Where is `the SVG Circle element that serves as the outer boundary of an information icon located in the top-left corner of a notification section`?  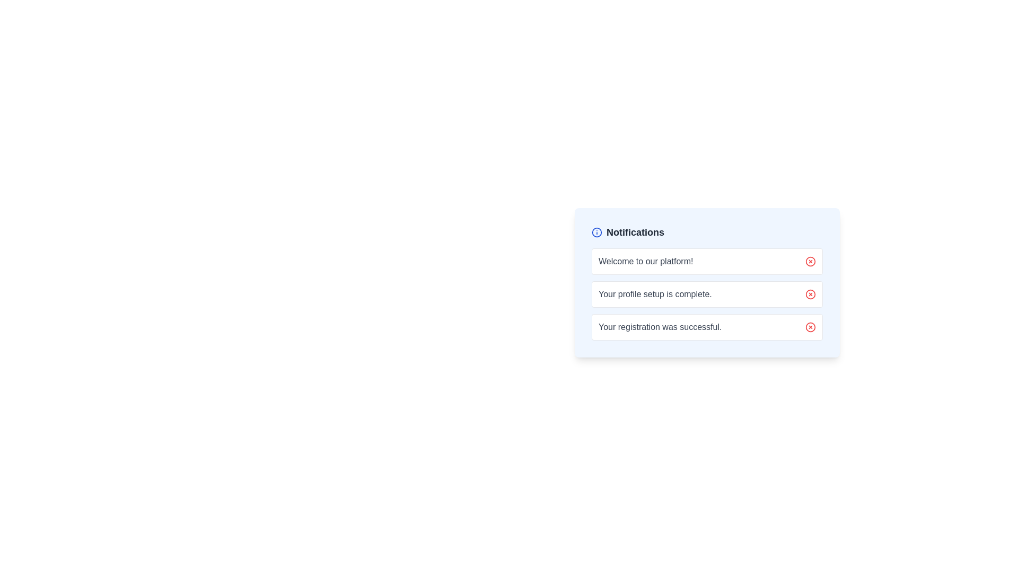
the SVG Circle element that serves as the outer boundary of an information icon located in the top-left corner of a notification section is located at coordinates (597, 232).